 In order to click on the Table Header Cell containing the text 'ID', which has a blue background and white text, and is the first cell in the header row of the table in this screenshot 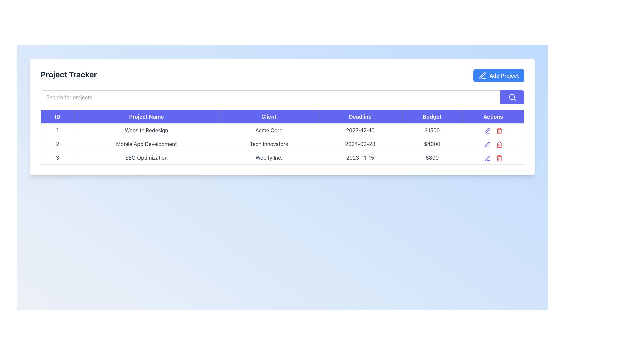, I will do `click(57, 116)`.